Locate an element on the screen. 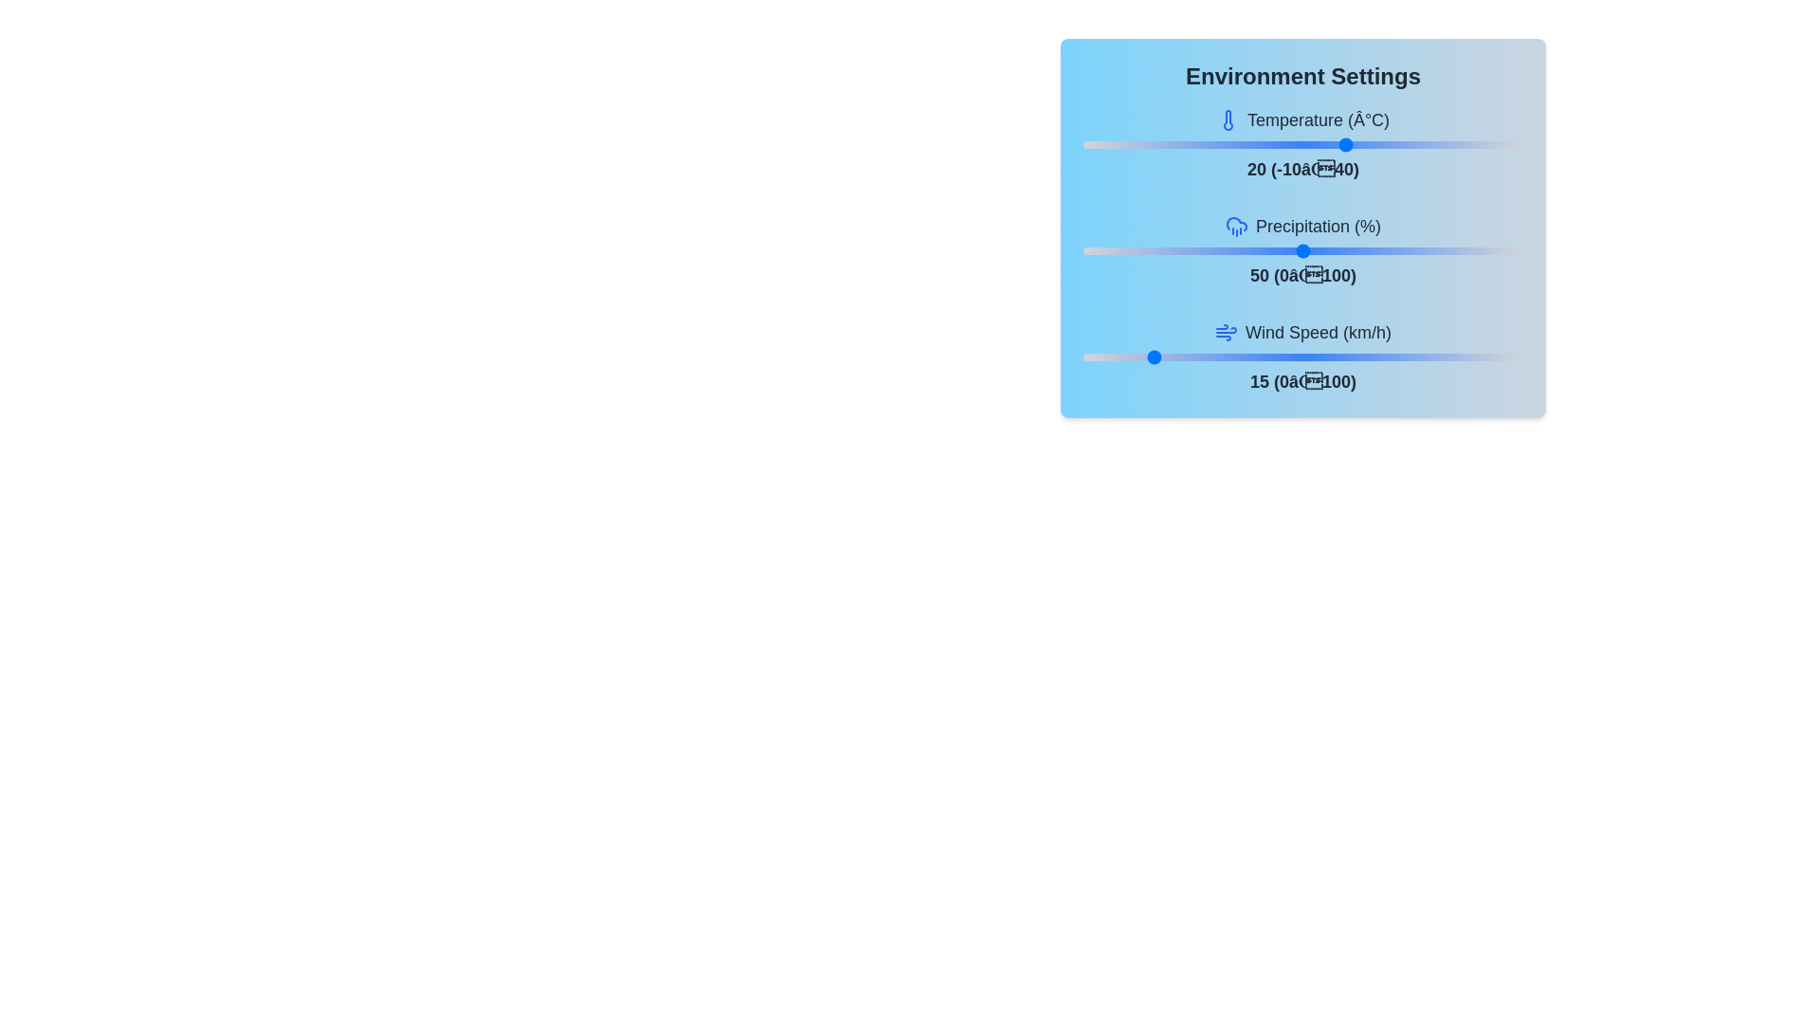 This screenshot has height=1024, width=1820. the temperature setting icon located in the top-left corner of the environment settings section, which is positioned immediately to the left of the 'Temperature (°C)' label is located at coordinates (1228, 120).